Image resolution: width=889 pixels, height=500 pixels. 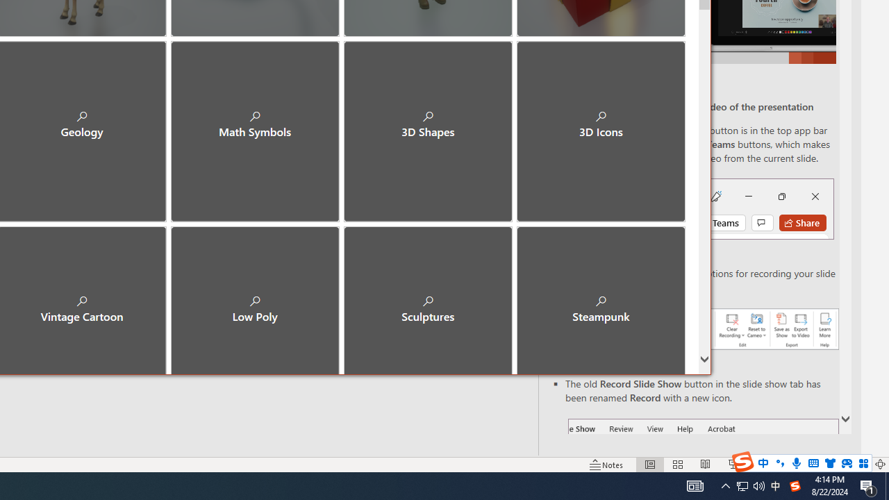 What do you see at coordinates (255, 297) in the screenshot?
I see `'Low Poly'` at bounding box center [255, 297].